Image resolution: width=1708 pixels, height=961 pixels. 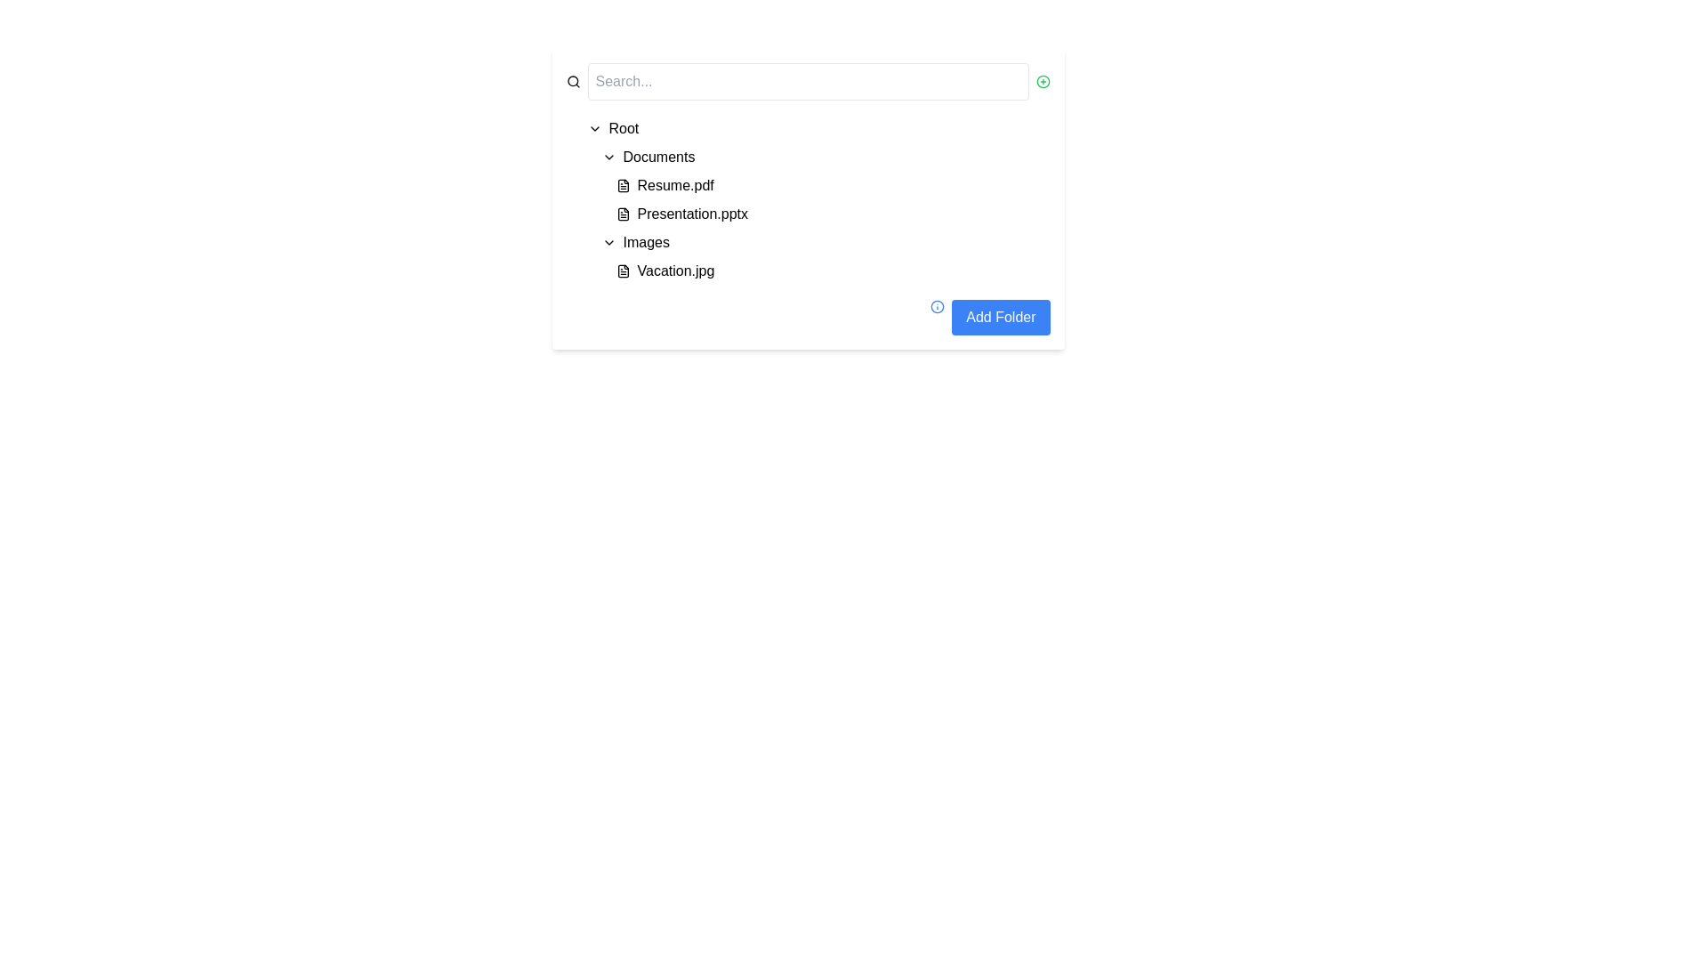 I want to click on to select the file entry named 'Presentation.pptx' located in the 'Documents' section, which is the second item in the folder navigation interface, so click(x=828, y=213).